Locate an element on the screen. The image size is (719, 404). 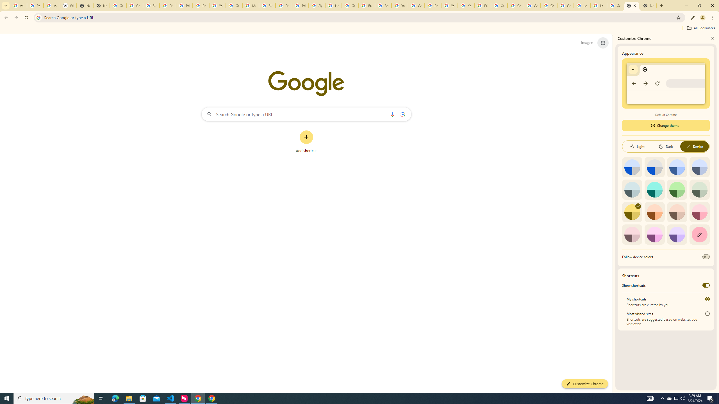
'Brand Resource Center' is located at coordinates (366, 5).